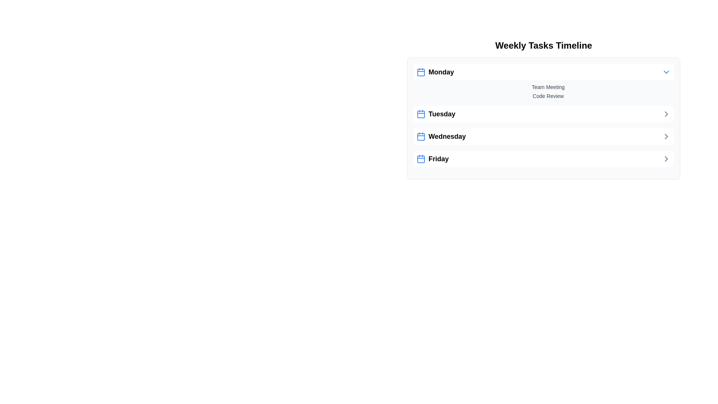  I want to click on the fourth list item under 'Weekly Tasks Timeline' labeled 'Friday', so click(544, 158).